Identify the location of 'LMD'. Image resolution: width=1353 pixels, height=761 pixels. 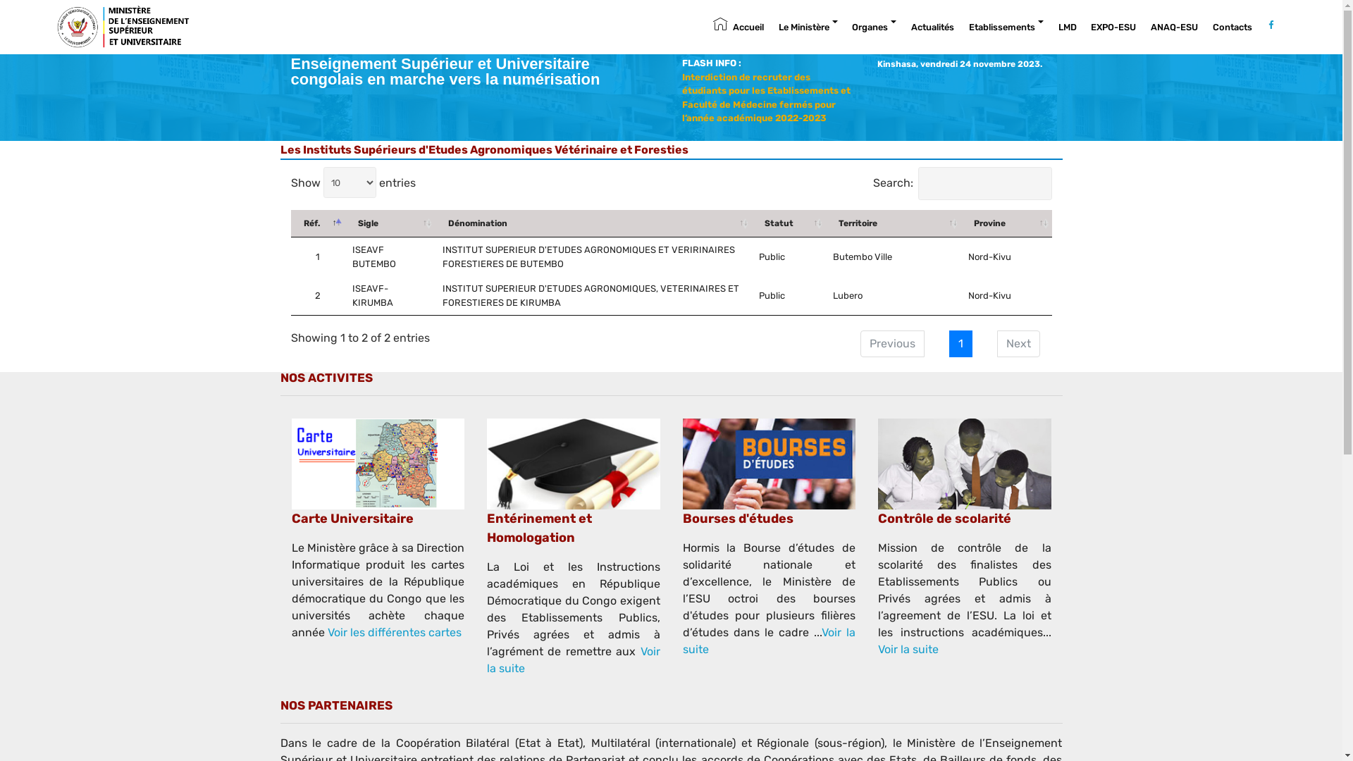
(1068, 27).